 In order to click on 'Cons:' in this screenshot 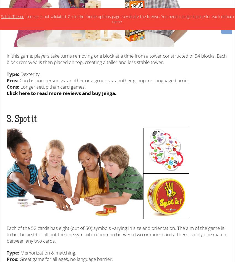, I will do `click(13, 86)`.